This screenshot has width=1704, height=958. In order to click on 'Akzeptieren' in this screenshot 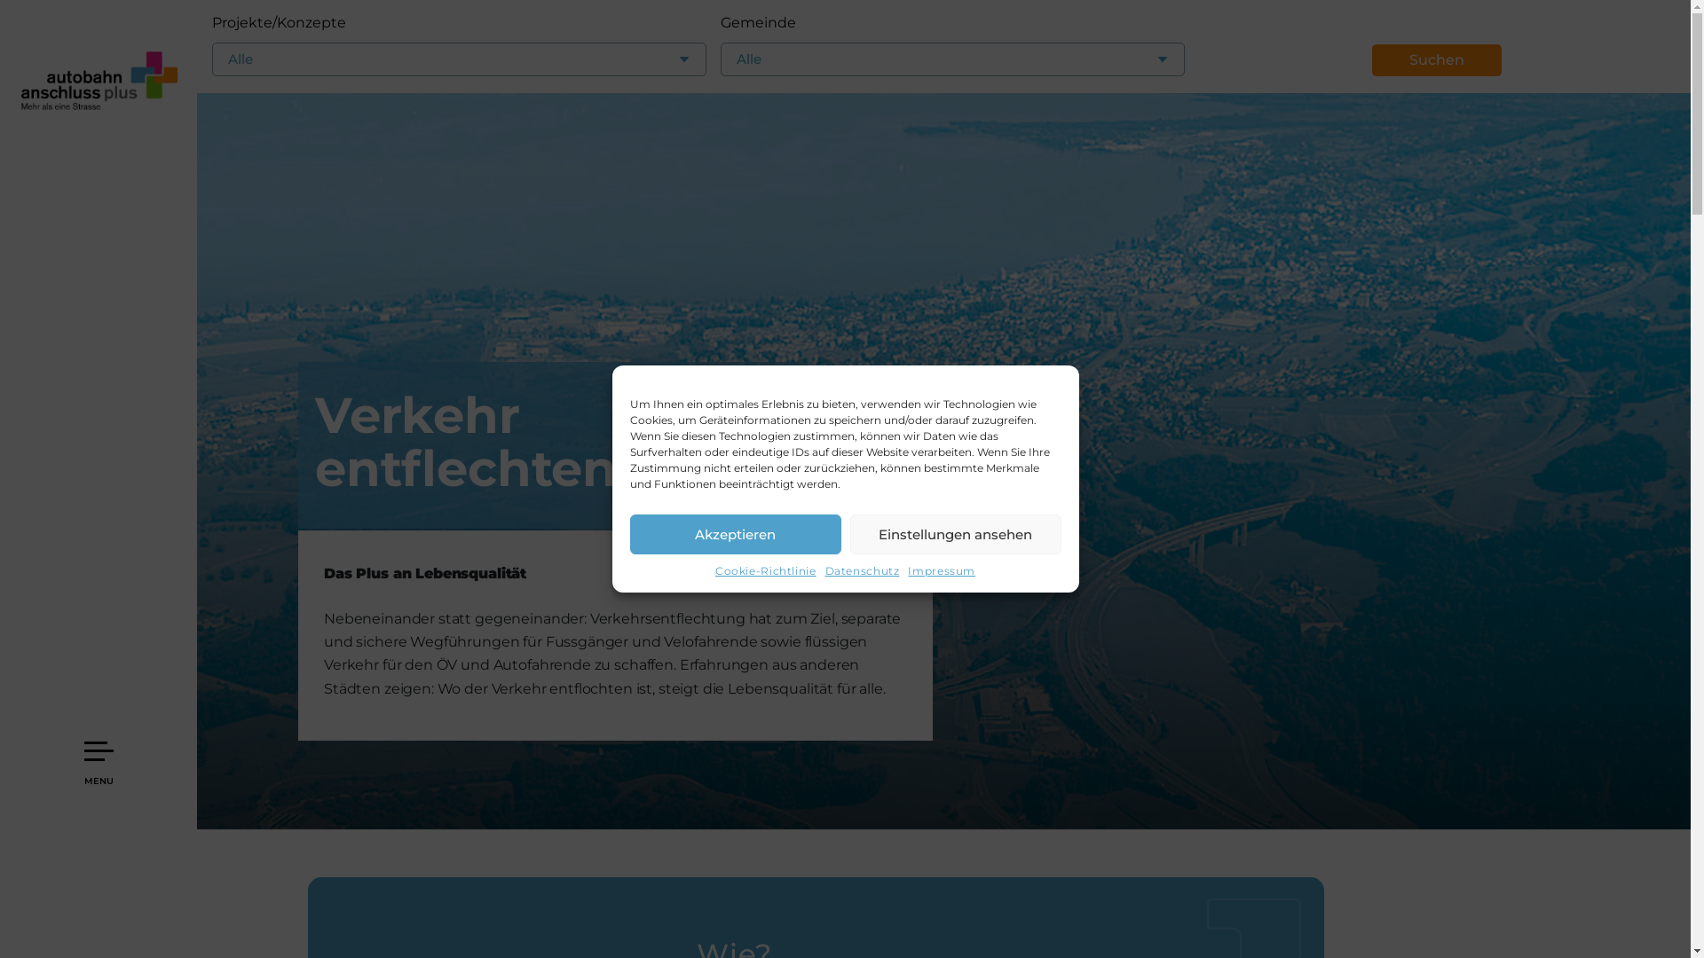, I will do `click(736, 533)`.